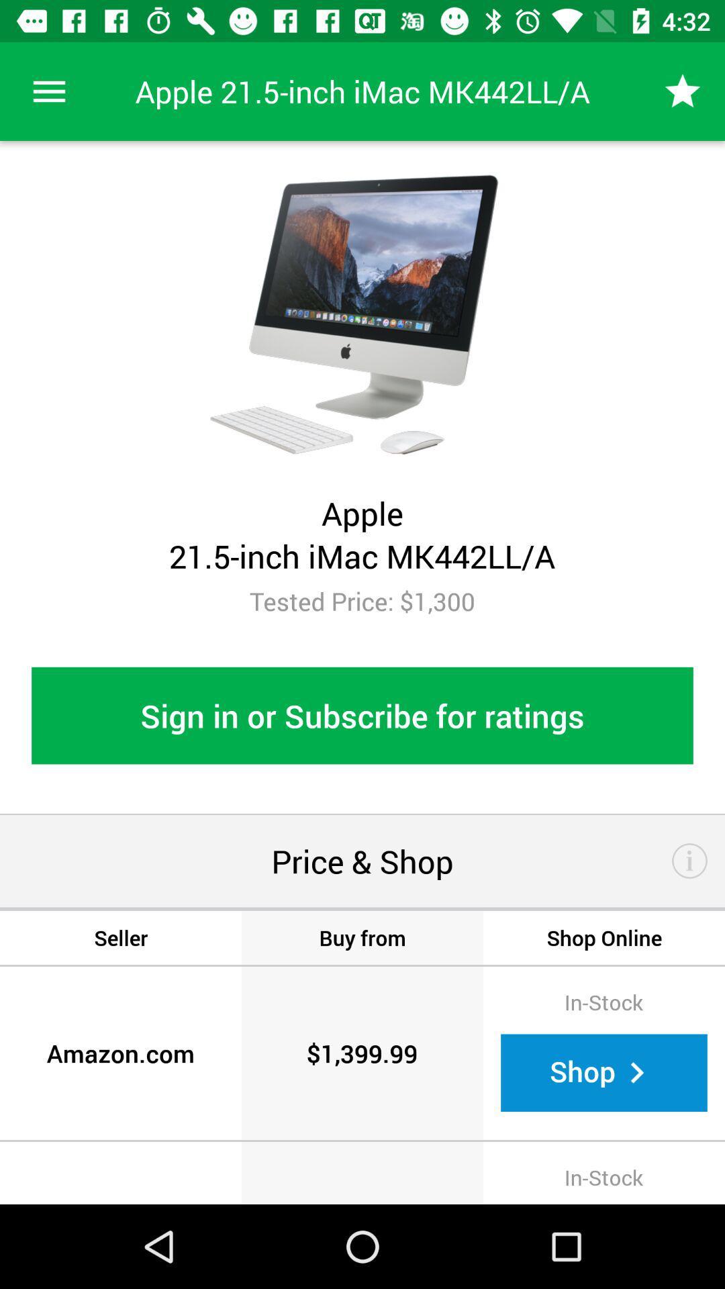 The image size is (725, 1289). Describe the element at coordinates (683, 91) in the screenshot. I see `item above tested price 1 icon` at that location.